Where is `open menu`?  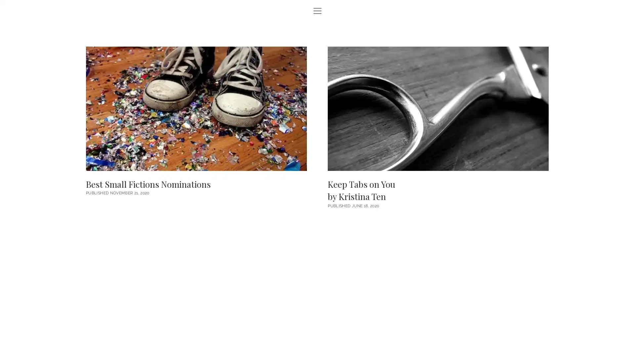
open menu is located at coordinates (317, 11).